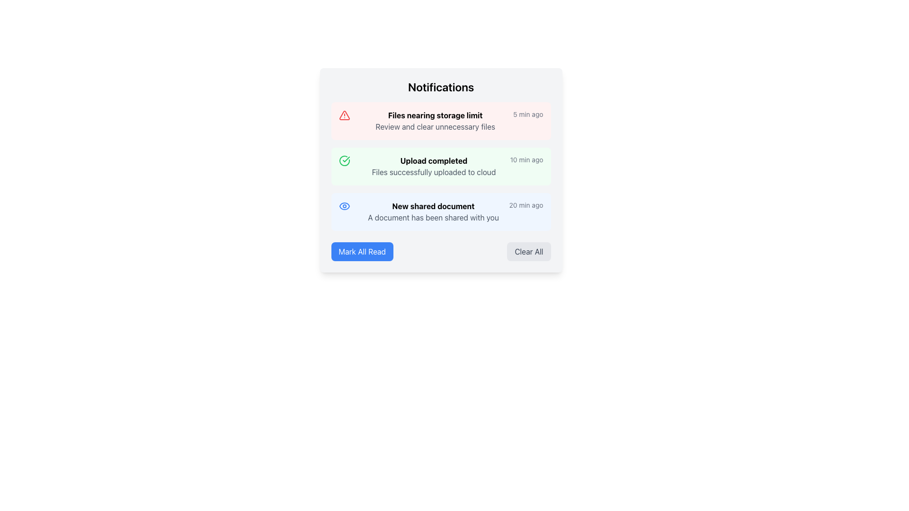 This screenshot has width=909, height=511. I want to click on the title text label of the third notification card in the 'Notifications' list, which indicates the event or subject of the message, so click(433, 205).